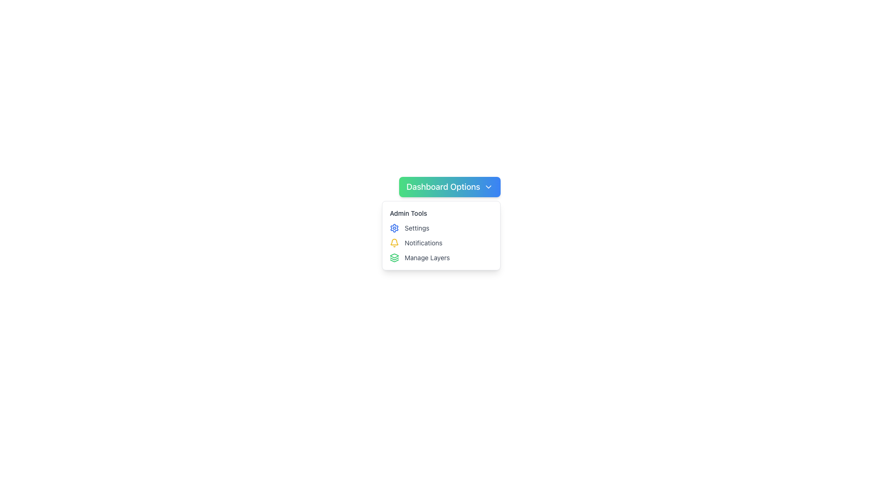 The image size is (890, 500). What do you see at coordinates (423, 242) in the screenshot?
I see `the text label that reads 'Notifications,' which is styled in gray and is part of the 'Admin Tools' section in the popup menu` at bounding box center [423, 242].